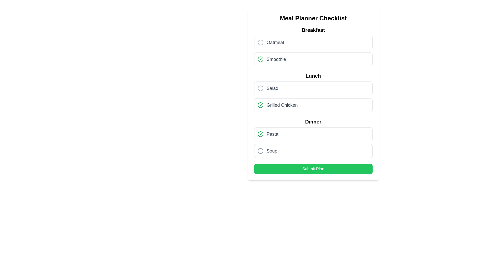 The width and height of the screenshot is (490, 275). Describe the element at coordinates (313, 59) in the screenshot. I see `the Interactive selection item representing 'Smoothie' in the Breakfast section of the Meal Planner Checklist` at that location.